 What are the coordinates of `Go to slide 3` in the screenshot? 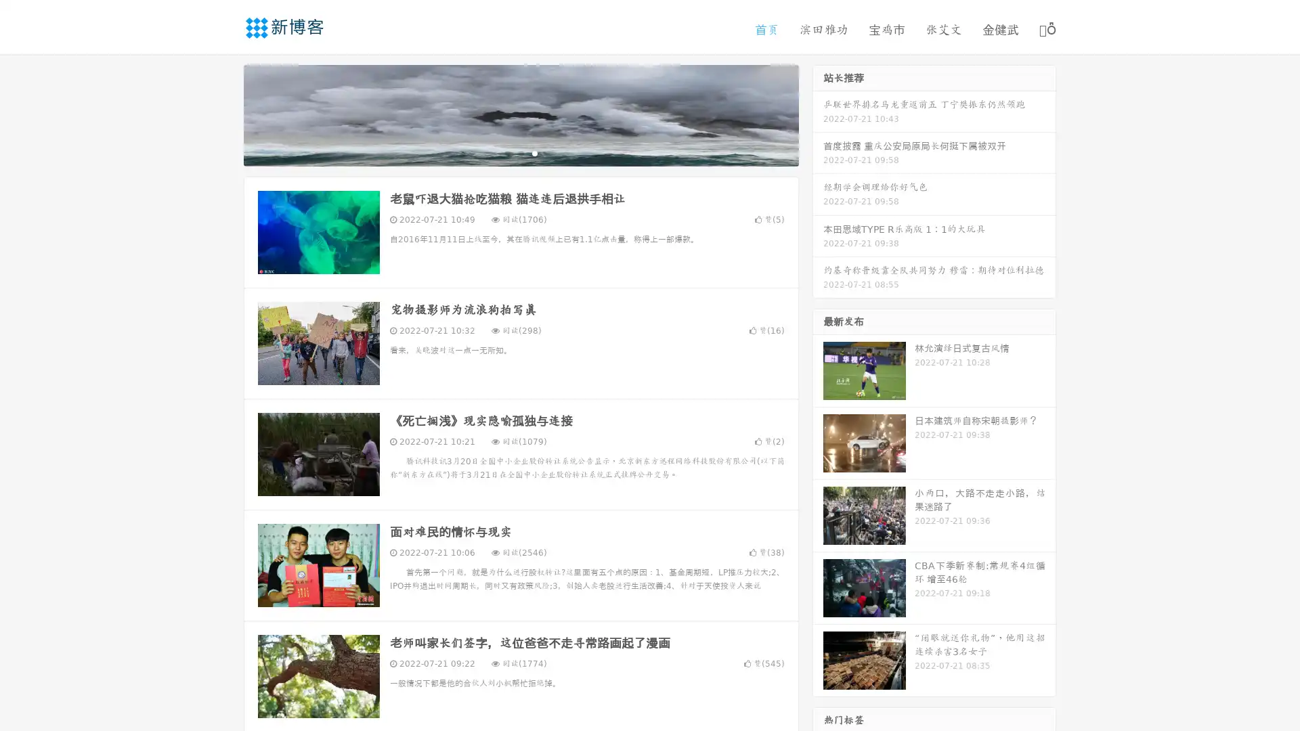 It's located at (534, 152).